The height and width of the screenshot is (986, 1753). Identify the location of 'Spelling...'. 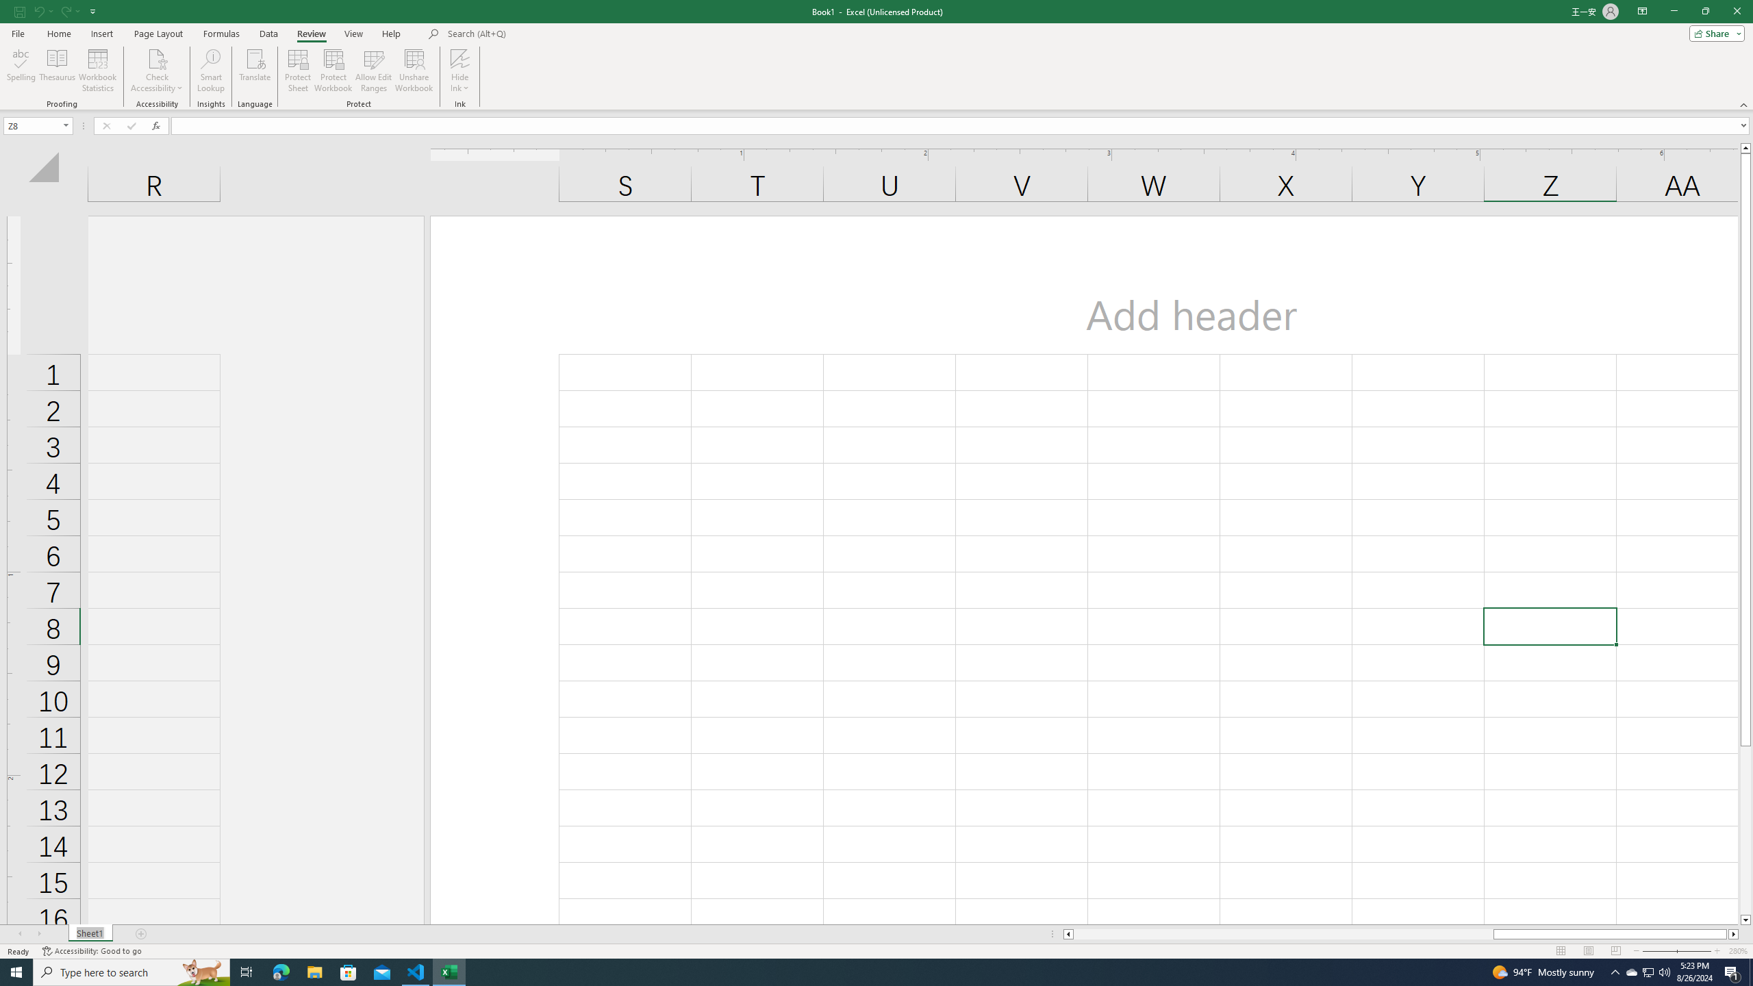
(20, 71).